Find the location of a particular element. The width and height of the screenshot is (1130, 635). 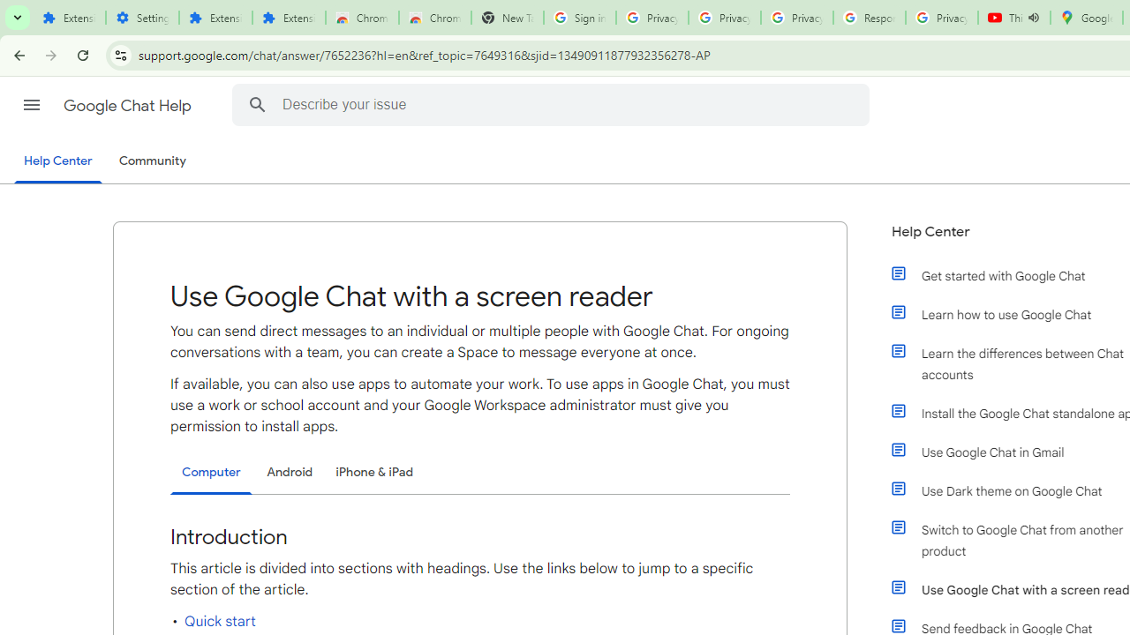

'New Tab' is located at coordinates (506, 18).